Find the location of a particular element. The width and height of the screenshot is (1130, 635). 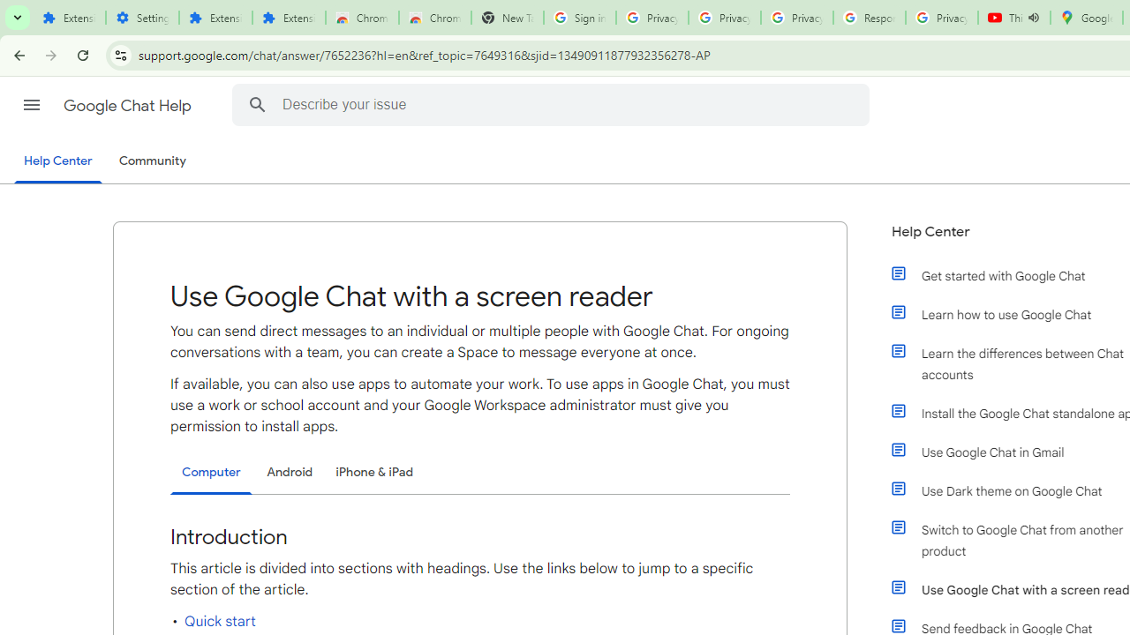

'New Tab' is located at coordinates (506, 18).